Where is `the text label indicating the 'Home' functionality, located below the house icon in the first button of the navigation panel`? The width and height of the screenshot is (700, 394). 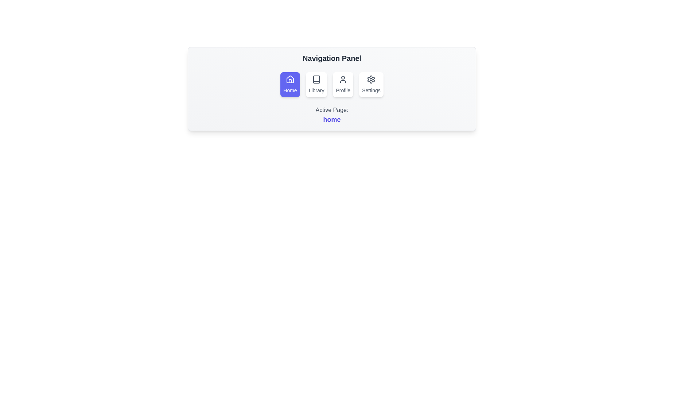
the text label indicating the 'Home' functionality, located below the house icon in the first button of the navigation panel is located at coordinates (290, 90).